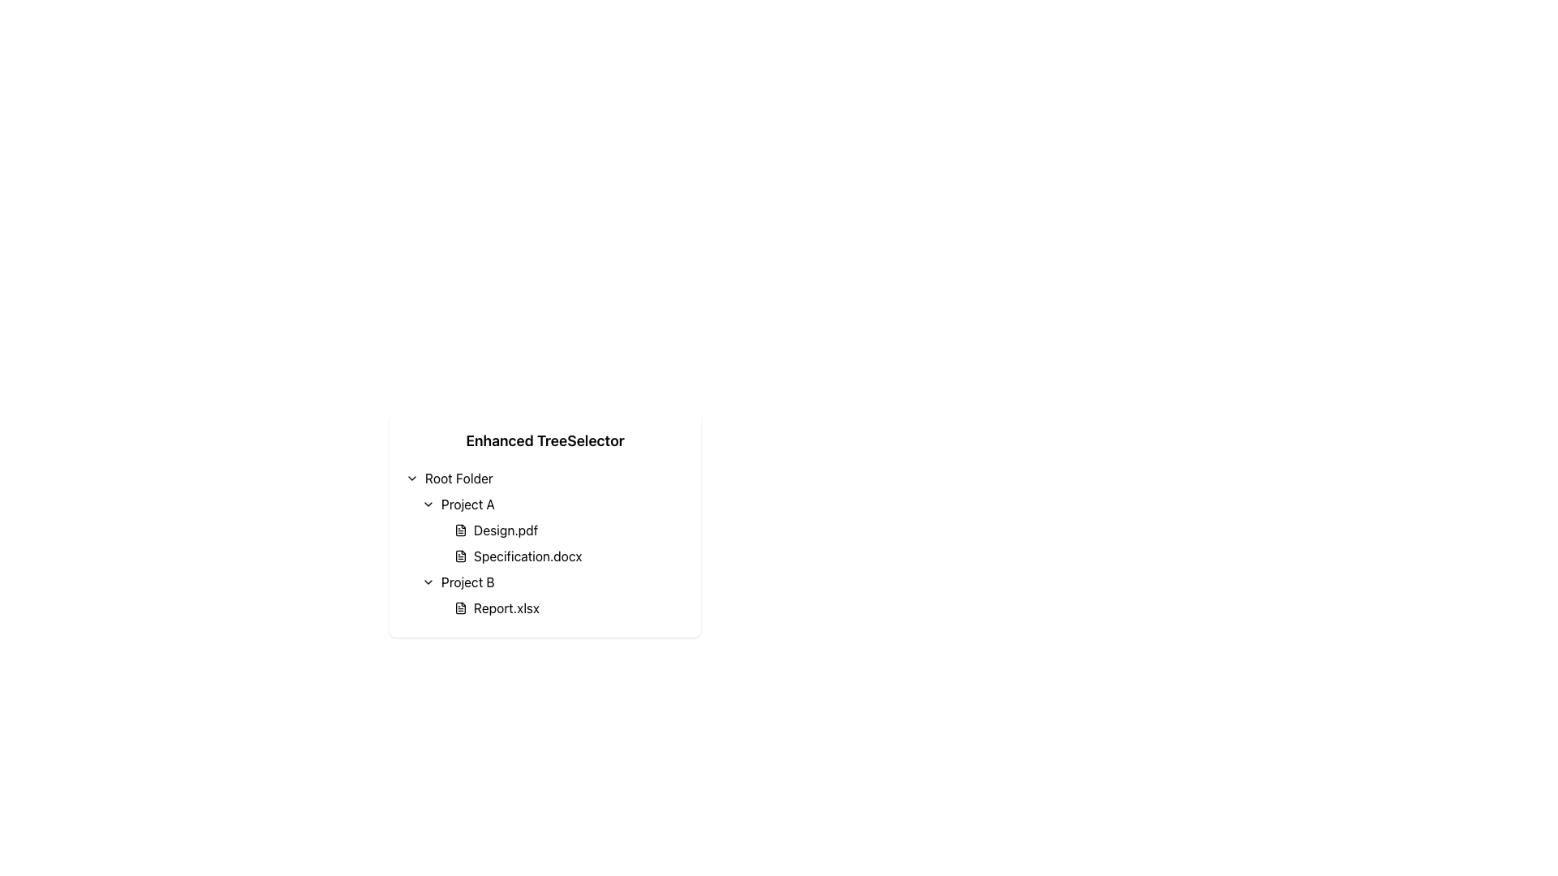 This screenshot has width=1558, height=876. Describe the element at coordinates (458, 478) in the screenshot. I see `the 'Root Folder' text label to expand or collapse its contents` at that location.